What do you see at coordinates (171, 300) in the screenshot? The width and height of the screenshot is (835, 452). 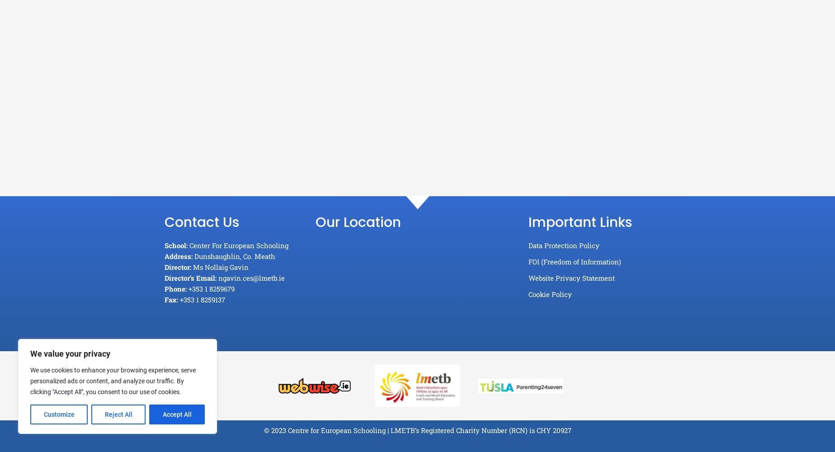 I see `'Fax:'` at bounding box center [171, 300].